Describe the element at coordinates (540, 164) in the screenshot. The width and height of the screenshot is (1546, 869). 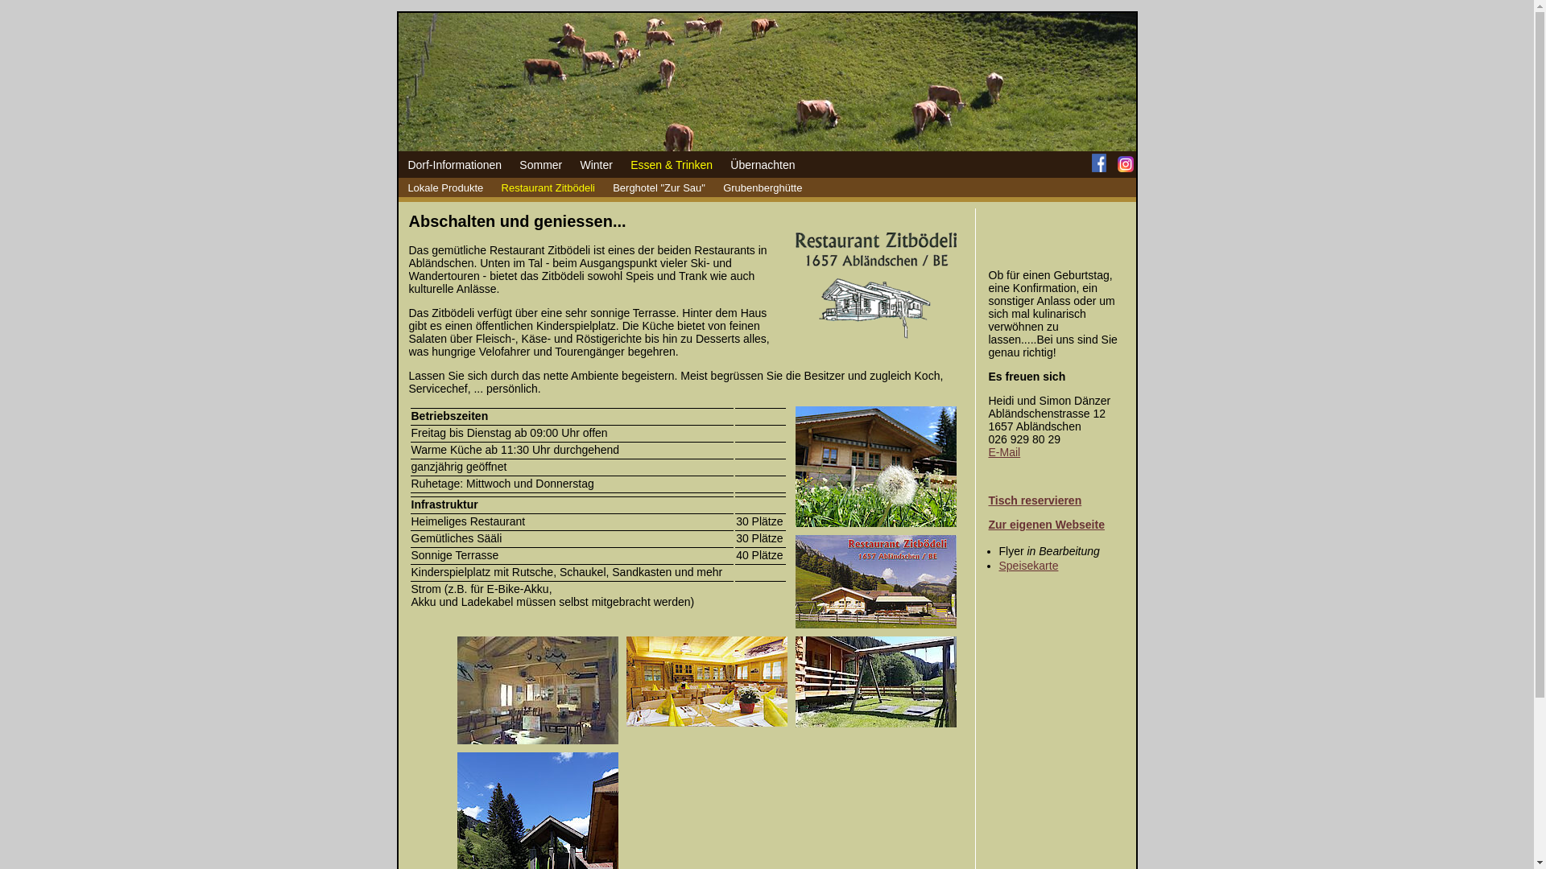
I see `'Sommer'` at that location.